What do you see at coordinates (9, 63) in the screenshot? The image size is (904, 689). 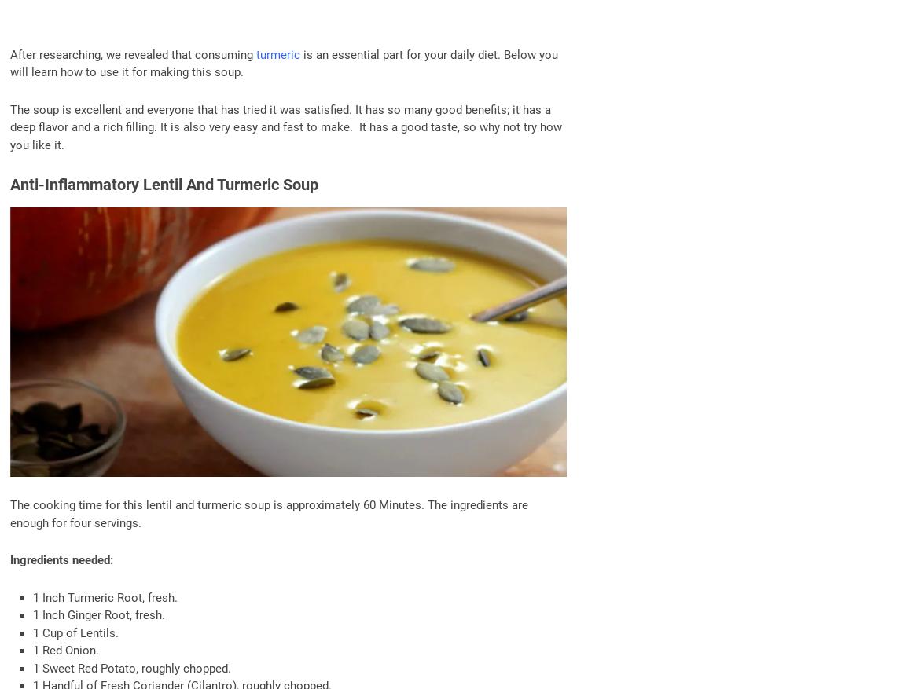 I see `'is an essential part for your daily diet. Below you will learn how to use it for making this soup.'` at bounding box center [9, 63].